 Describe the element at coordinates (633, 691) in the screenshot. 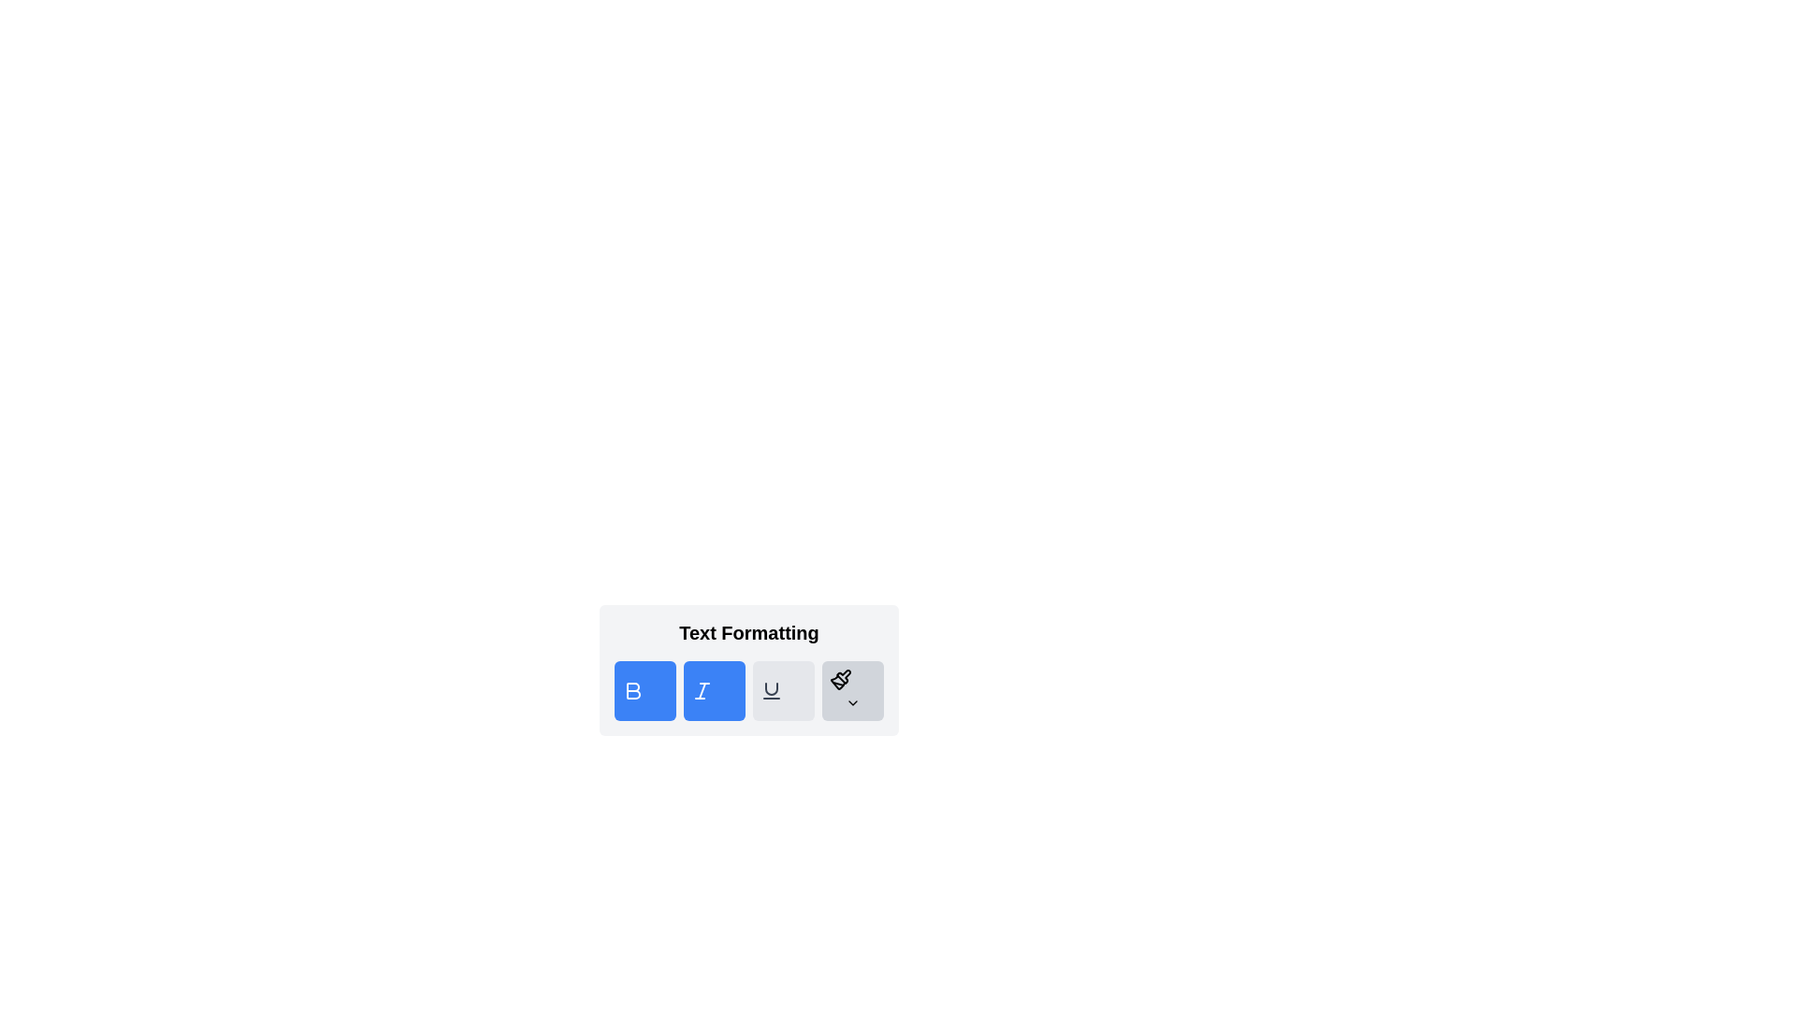

I see `the bold formatting icon located at the leftmost position in the group of formatting buttons` at that location.